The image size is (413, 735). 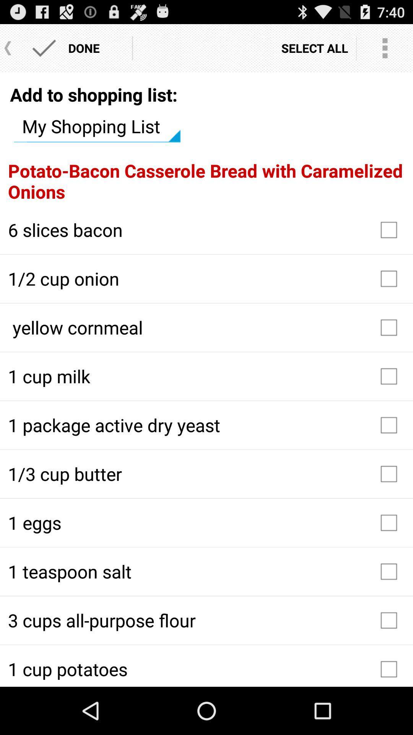 I want to click on 1 package active, so click(x=206, y=425).